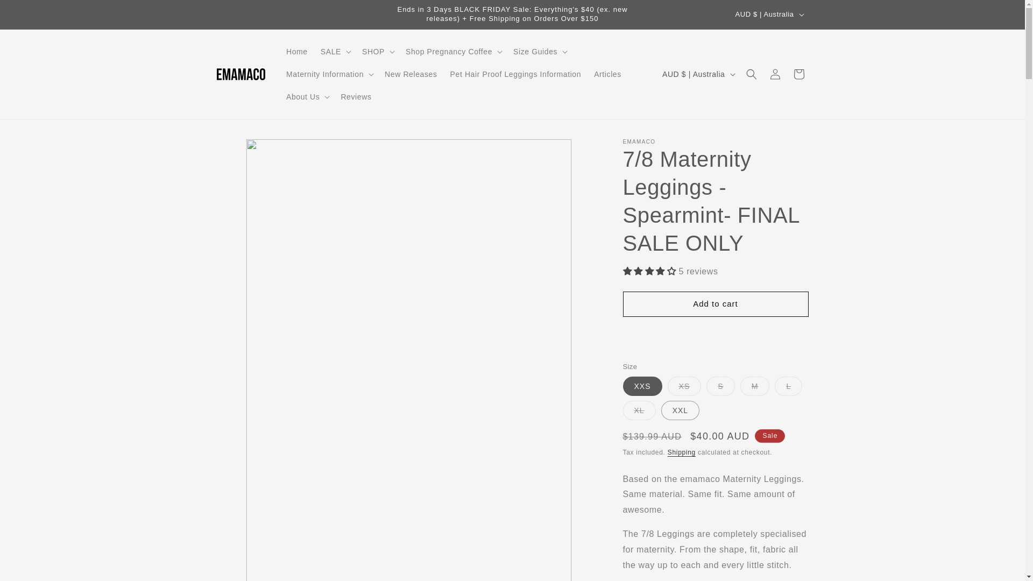 The image size is (1033, 581). I want to click on 'Articles', so click(607, 74).